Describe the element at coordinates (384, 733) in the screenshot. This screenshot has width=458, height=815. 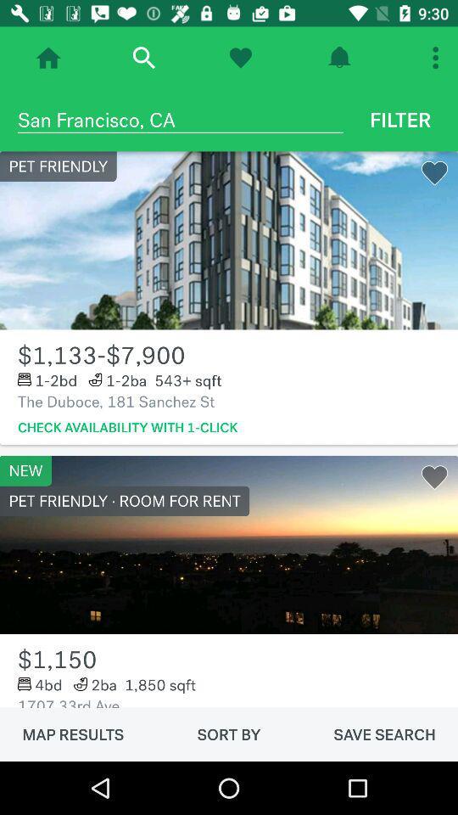
I see `icon to the right of the sort by` at that location.